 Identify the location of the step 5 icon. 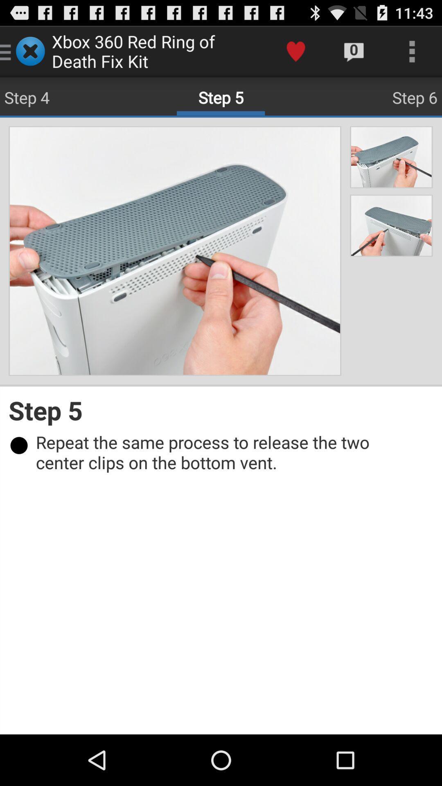
(221, 410).